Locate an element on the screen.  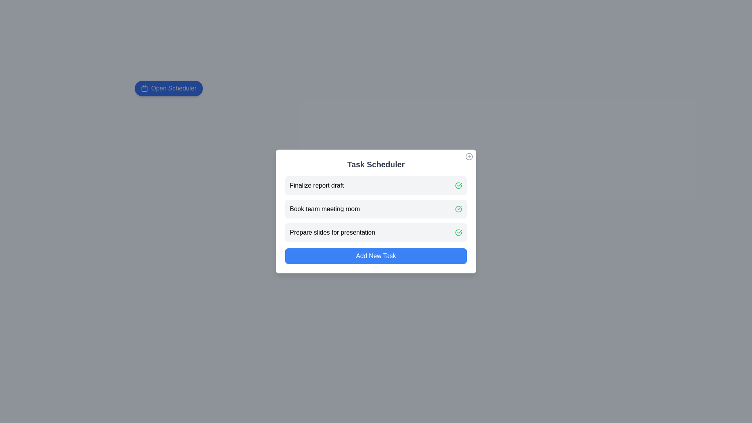
the success status icon located to the far-right of the 'Book team meeting room' task in the Task Scheduler list is located at coordinates (459, 208).